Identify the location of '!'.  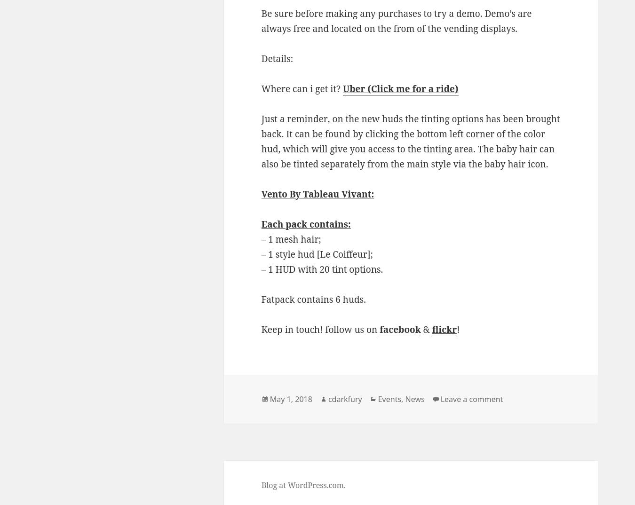
(458, 329).